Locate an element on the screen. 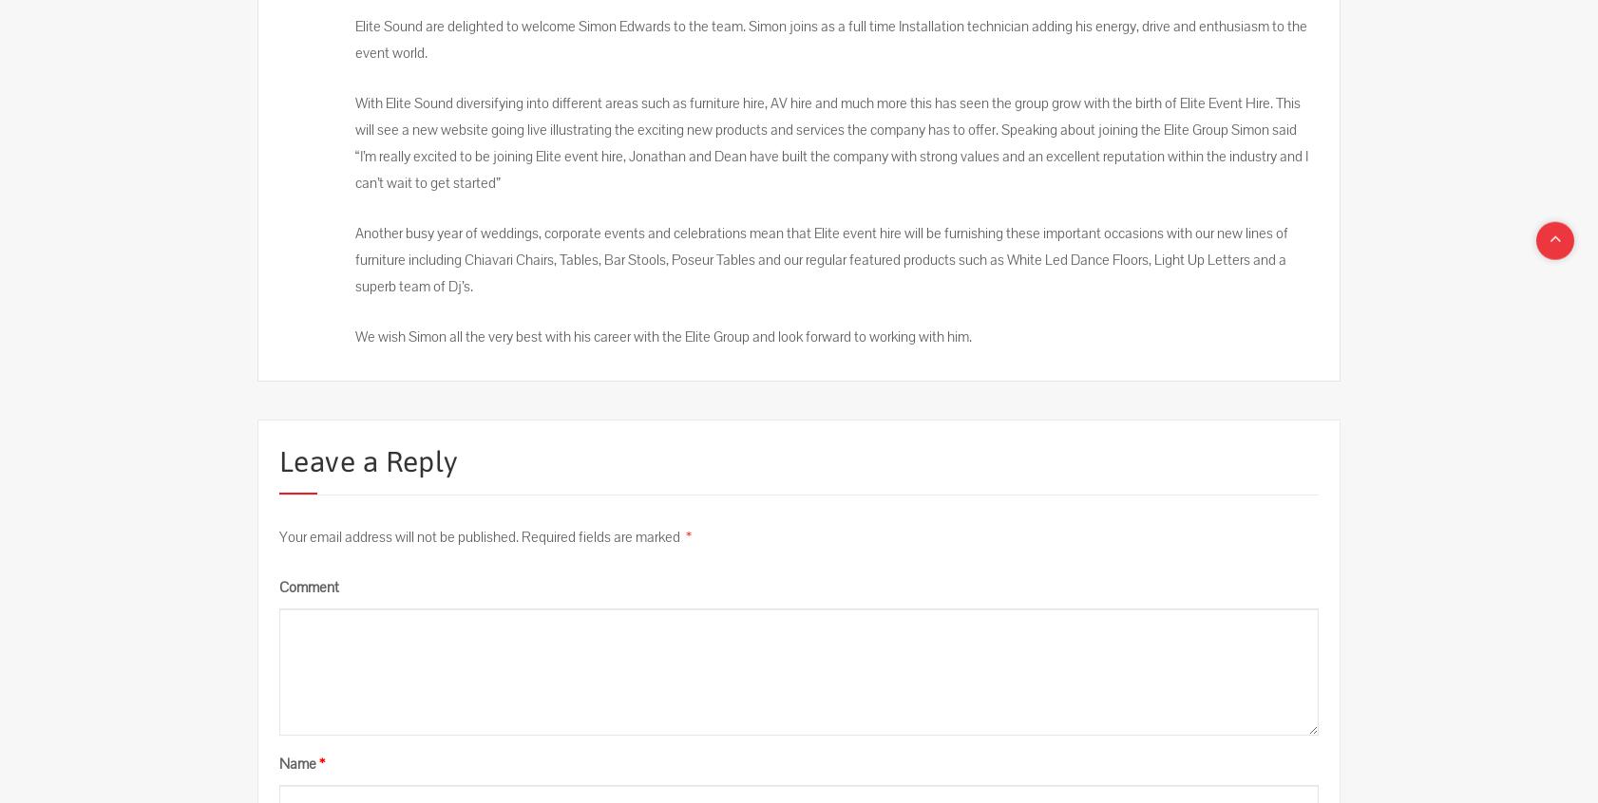  'We wish Simon all the very best with his career with the Elite Group and look forward to working with him.' is located at coordinates (354, 336).